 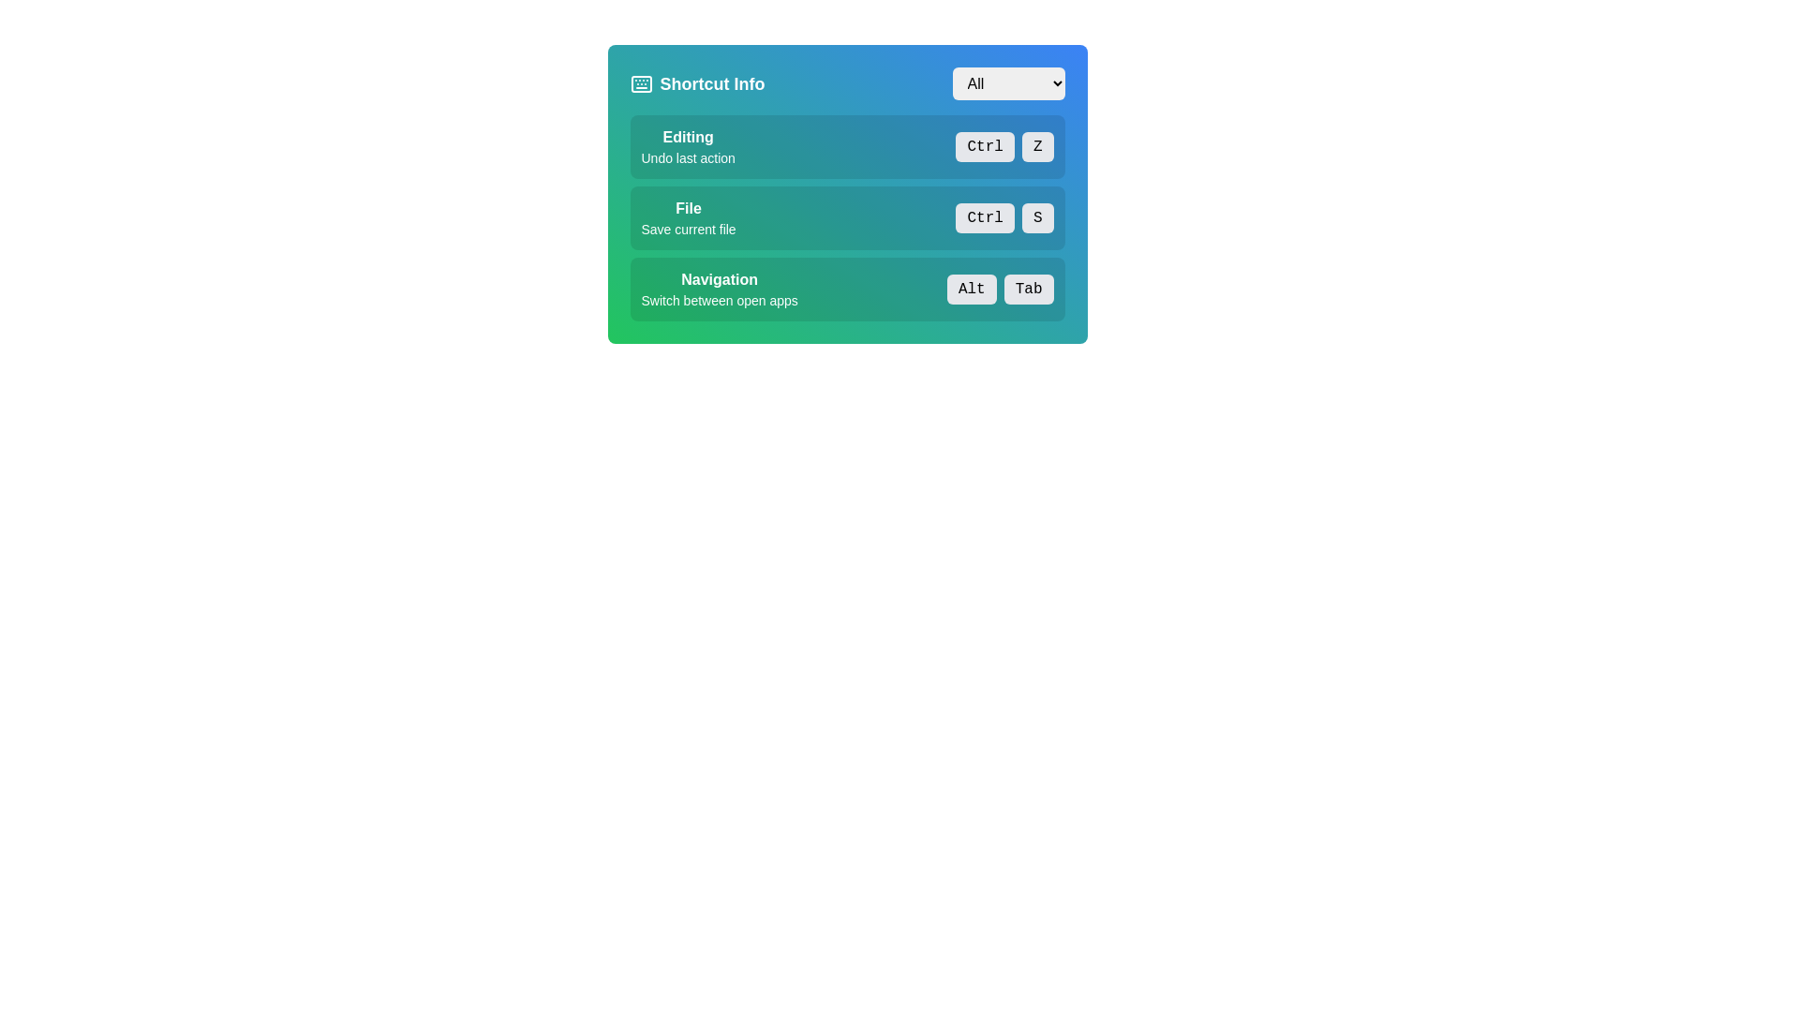 I want to click on the static display element representing the 'Alt' key, which is located in the bottom row under 'Navigation', immediately before the 'Tab' button, so click(x=972, y=289).